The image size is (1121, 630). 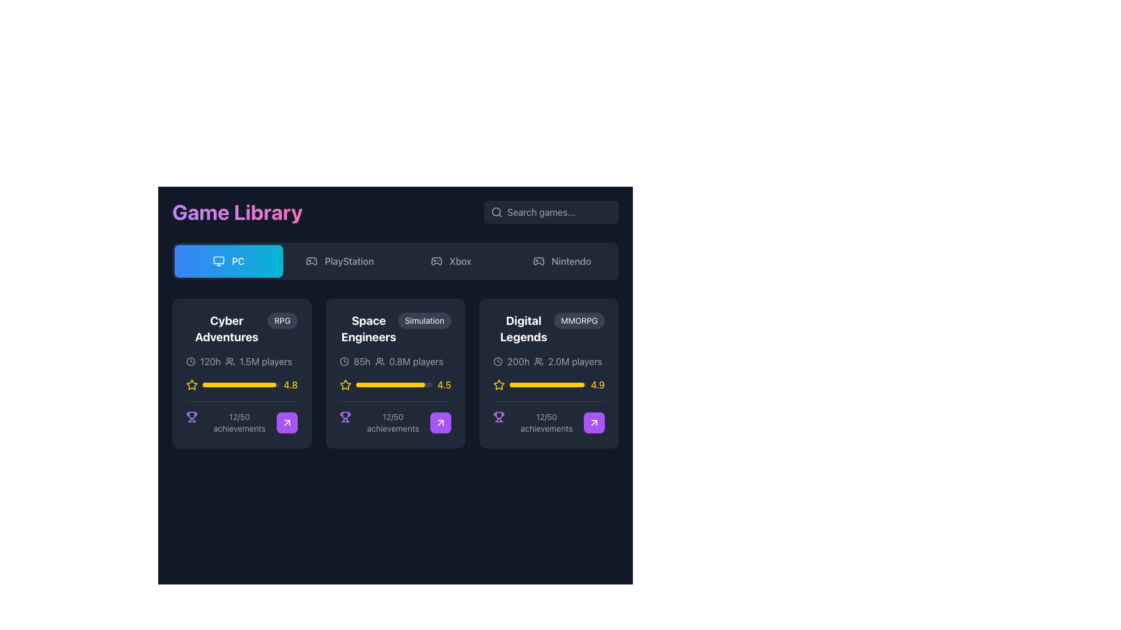 What do you see at coordinates (312, 260) in the screenshot?
I see `the game controller icon located in the top section of the interface, which is part of the navigation components` at bounding box center [312, 260].